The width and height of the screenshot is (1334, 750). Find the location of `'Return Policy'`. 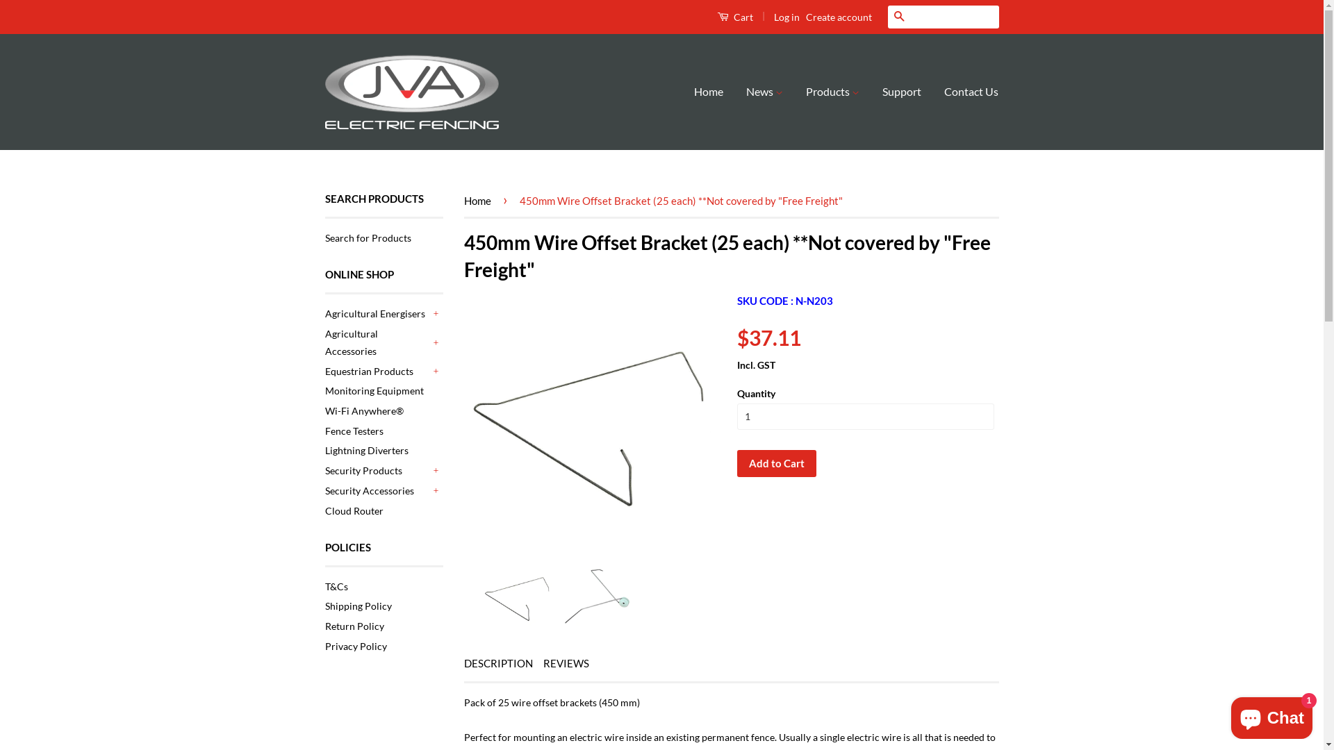

'Return Policy' is located at coordinates (354, 626).